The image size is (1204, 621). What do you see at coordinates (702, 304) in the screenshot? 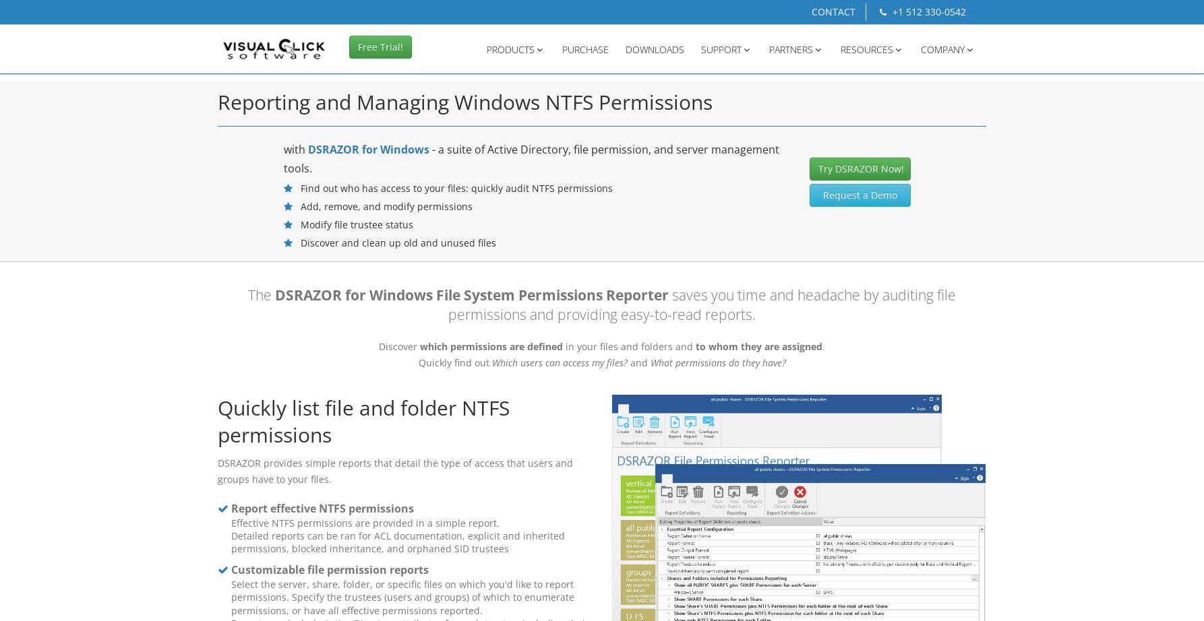
I see `'saves you time and headache by auditing 
						file permissions and providing easy-to-read reports.'` at bounding box center [702, 304].